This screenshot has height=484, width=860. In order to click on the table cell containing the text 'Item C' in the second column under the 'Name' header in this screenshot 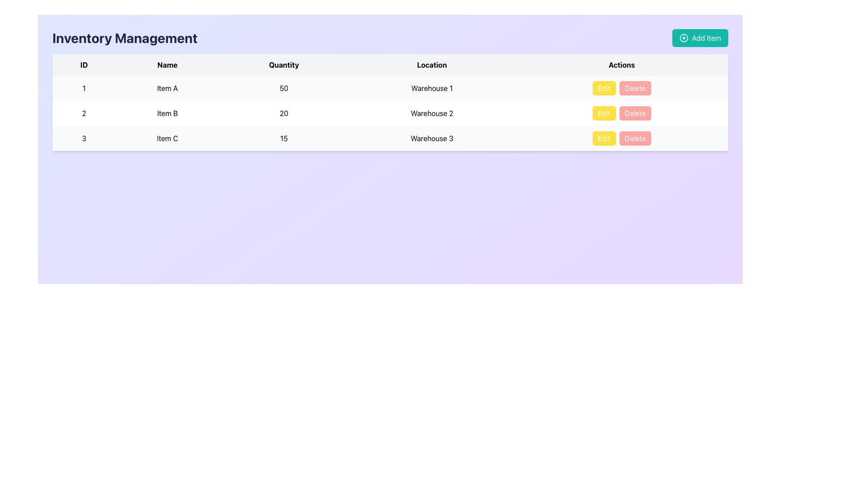, I will do `click(168, 138)`.